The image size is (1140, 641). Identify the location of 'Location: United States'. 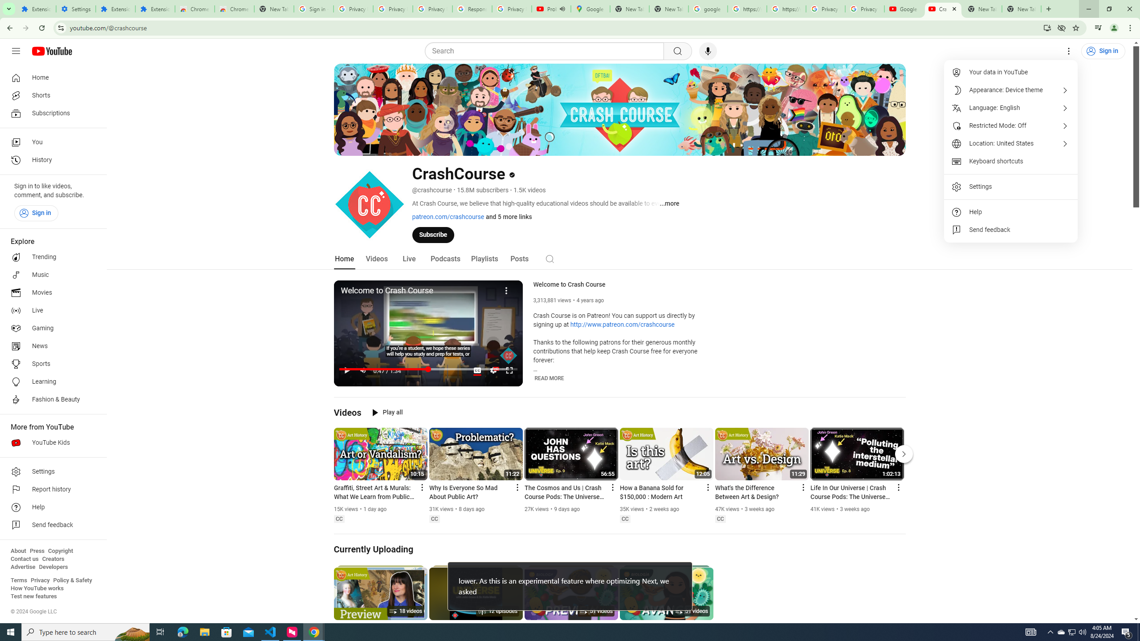
(1011, 143).